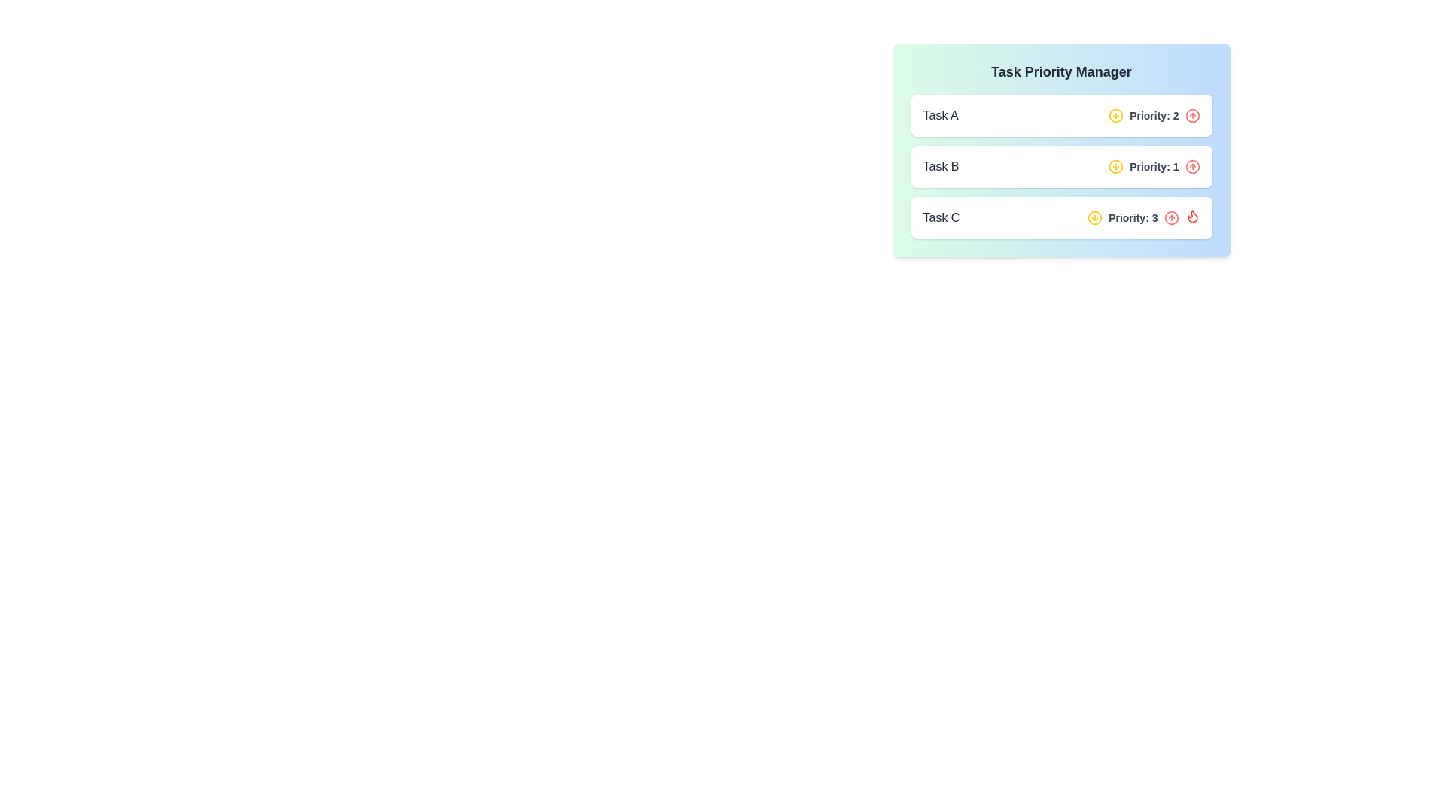  What do you see at coordinates (1143, 217) in the screenshot?
I see `priority value from the Text label located to the right of the task name in the 'Task C' panel` at bounding box center [1143, 217].